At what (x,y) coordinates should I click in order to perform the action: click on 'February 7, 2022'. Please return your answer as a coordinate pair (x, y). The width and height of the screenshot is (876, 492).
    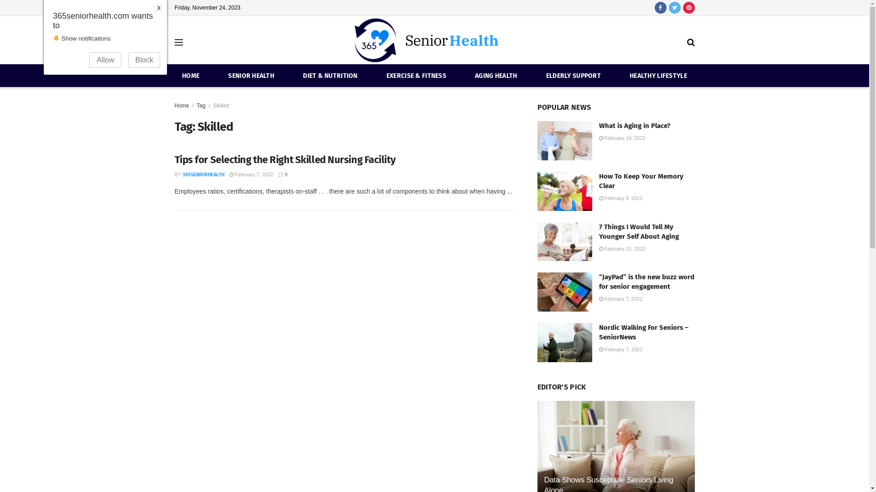
    Looking at the image, I should click on (598, 349).